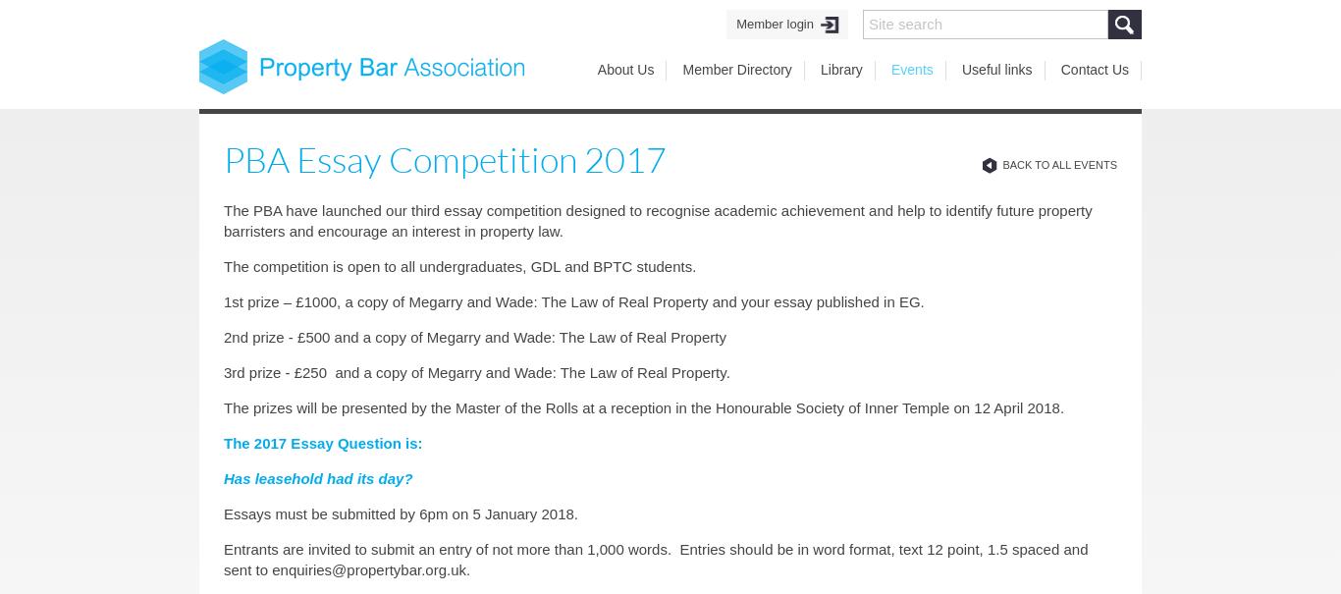 The width and height of the screenshot is (1341, 594). Describe the element at coordinates (1058, 165) in the screenshot. I see `'Back to all events'` at that location.